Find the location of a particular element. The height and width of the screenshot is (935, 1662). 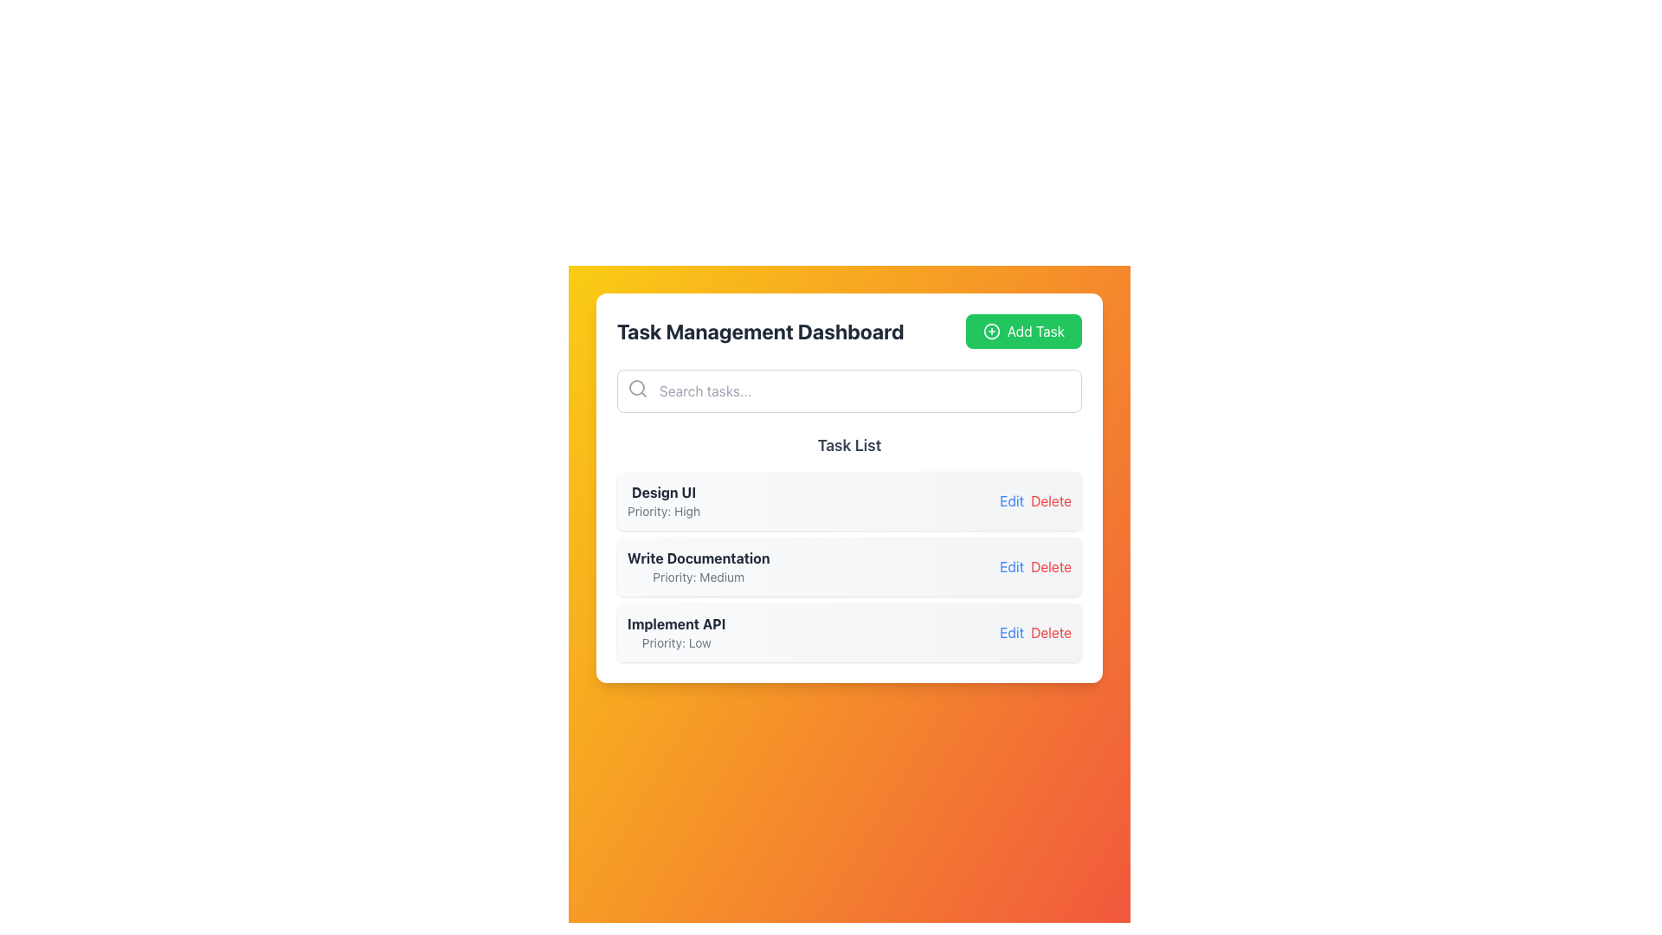

the small circular icon with a green background and a white plus symbol is located at coordinates (991, 331).